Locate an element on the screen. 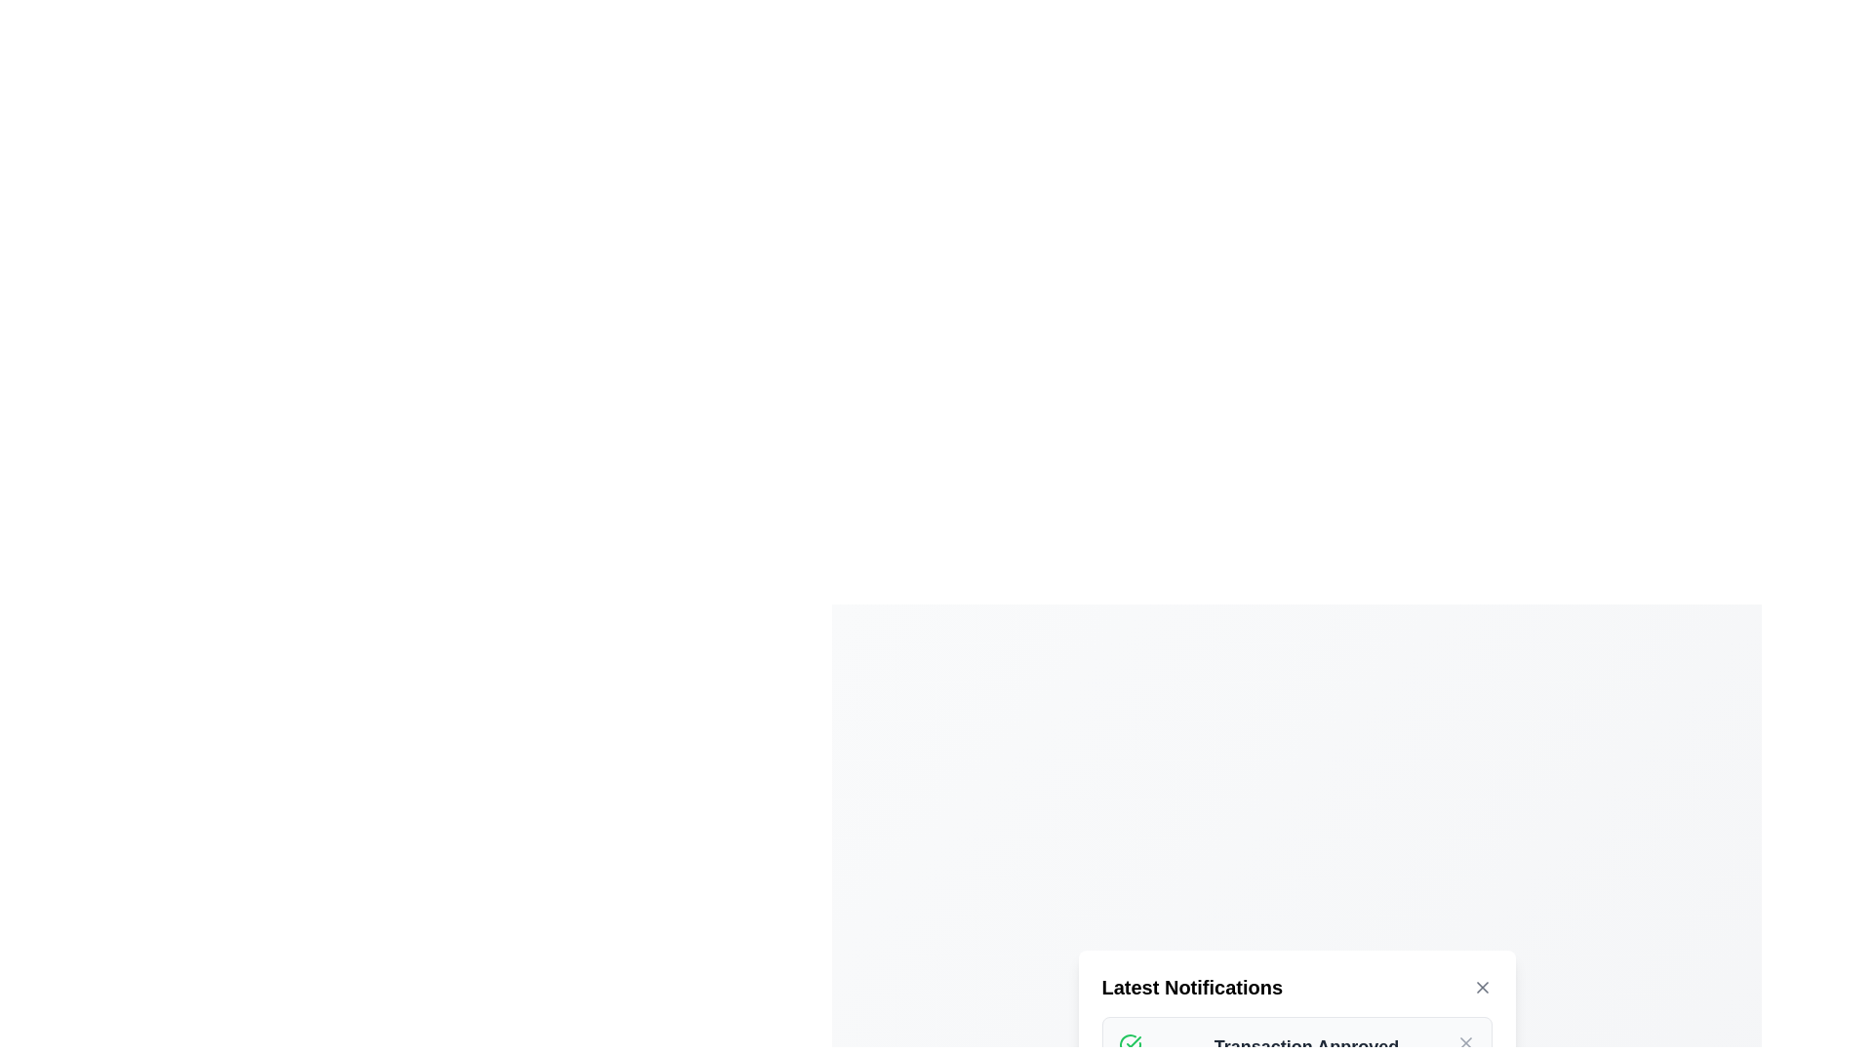 Image resolution: width=1873 pixels, height=1053 pixels. the Close Button Icon located at the top-right corner of the notification panel is located at coordinates (1465, 1041).